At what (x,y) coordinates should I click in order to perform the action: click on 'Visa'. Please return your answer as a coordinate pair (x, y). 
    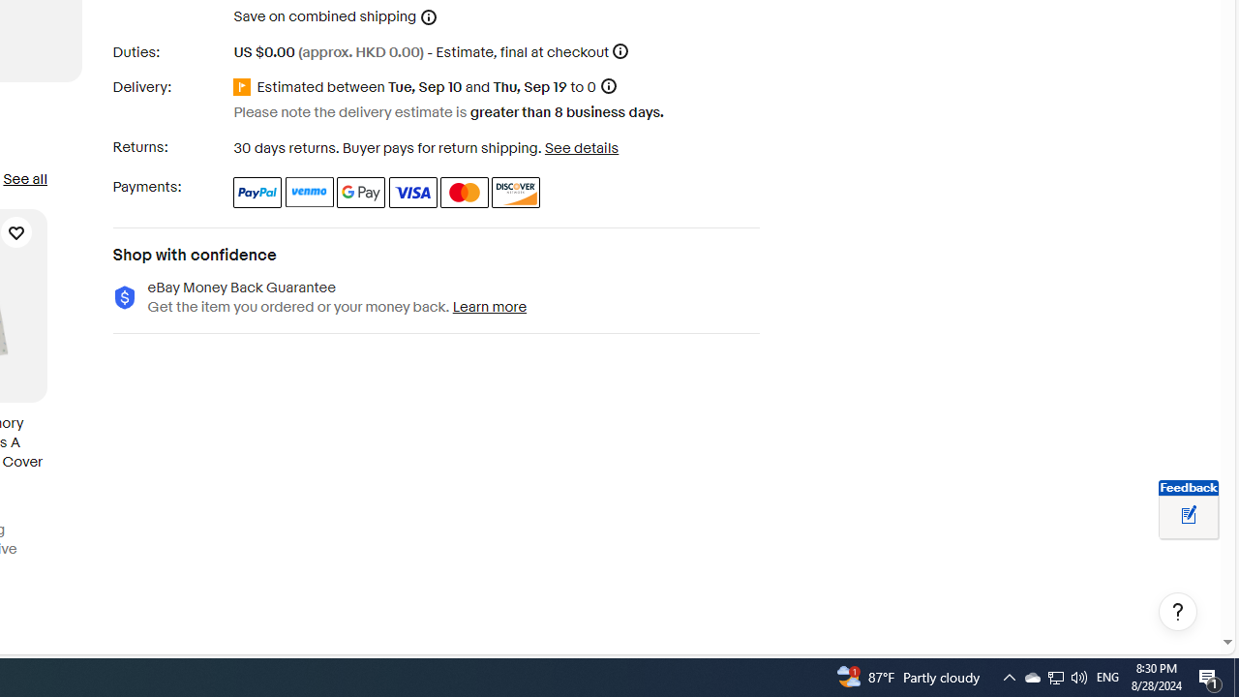
    Looking at the image, I should click on (411, 192).